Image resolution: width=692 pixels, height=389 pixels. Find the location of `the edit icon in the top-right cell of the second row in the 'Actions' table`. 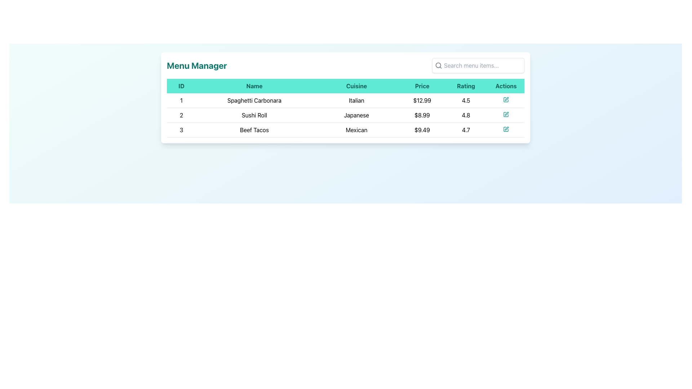

the edit icon in the top-right cell of the second row in the 'Actions' table is located at coordinates (506, 114).